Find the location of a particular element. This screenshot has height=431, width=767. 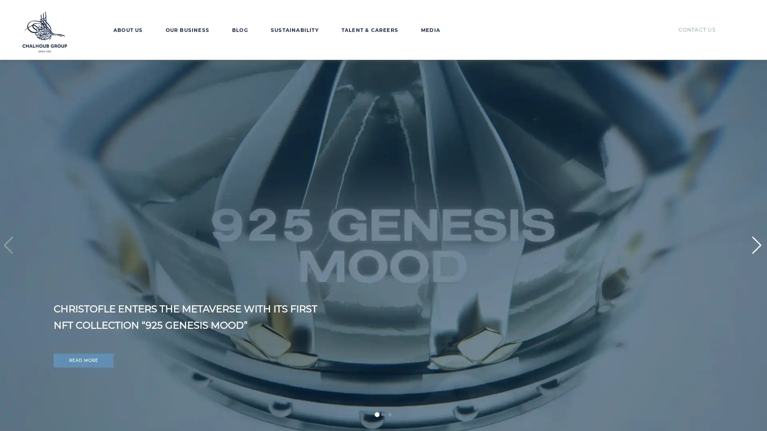

Previous slide is located at coordinates (9, 245).